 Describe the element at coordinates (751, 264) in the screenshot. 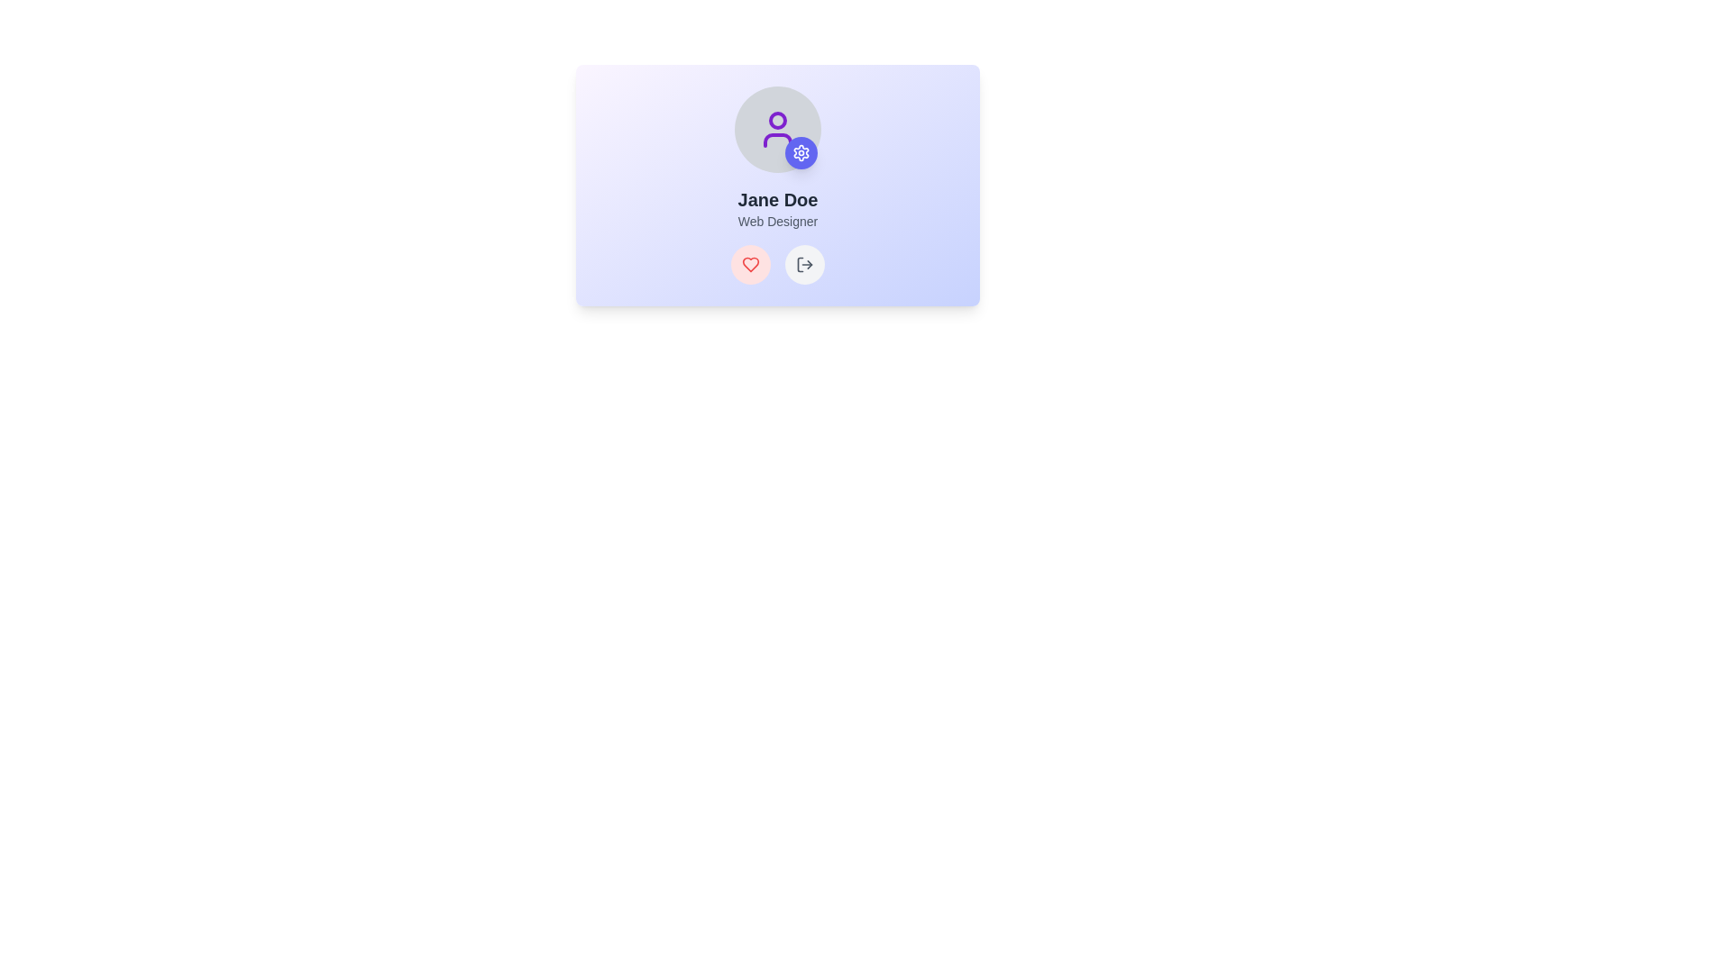

I see `the 'like' or 'favorite' button positioned centrally in the bottom row of the card-like UI element` at that location.